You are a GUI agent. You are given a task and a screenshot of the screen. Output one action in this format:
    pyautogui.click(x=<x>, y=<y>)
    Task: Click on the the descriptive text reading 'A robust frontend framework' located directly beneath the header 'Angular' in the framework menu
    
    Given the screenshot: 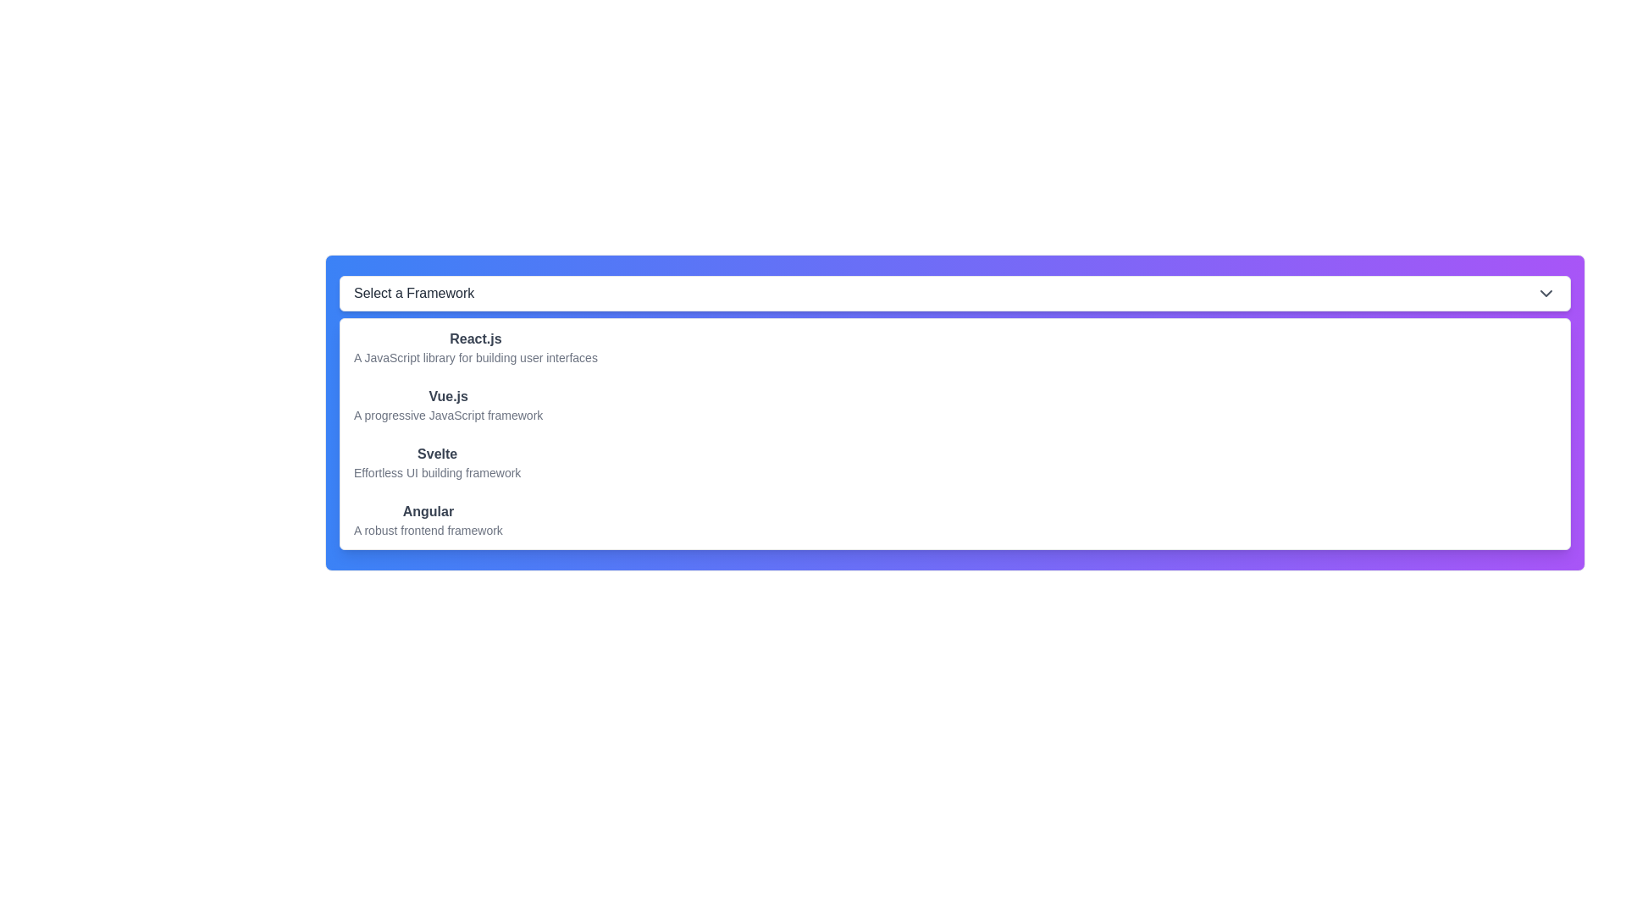 What is the action you would take?
    pyautogui.click(x=428, y=530)
    